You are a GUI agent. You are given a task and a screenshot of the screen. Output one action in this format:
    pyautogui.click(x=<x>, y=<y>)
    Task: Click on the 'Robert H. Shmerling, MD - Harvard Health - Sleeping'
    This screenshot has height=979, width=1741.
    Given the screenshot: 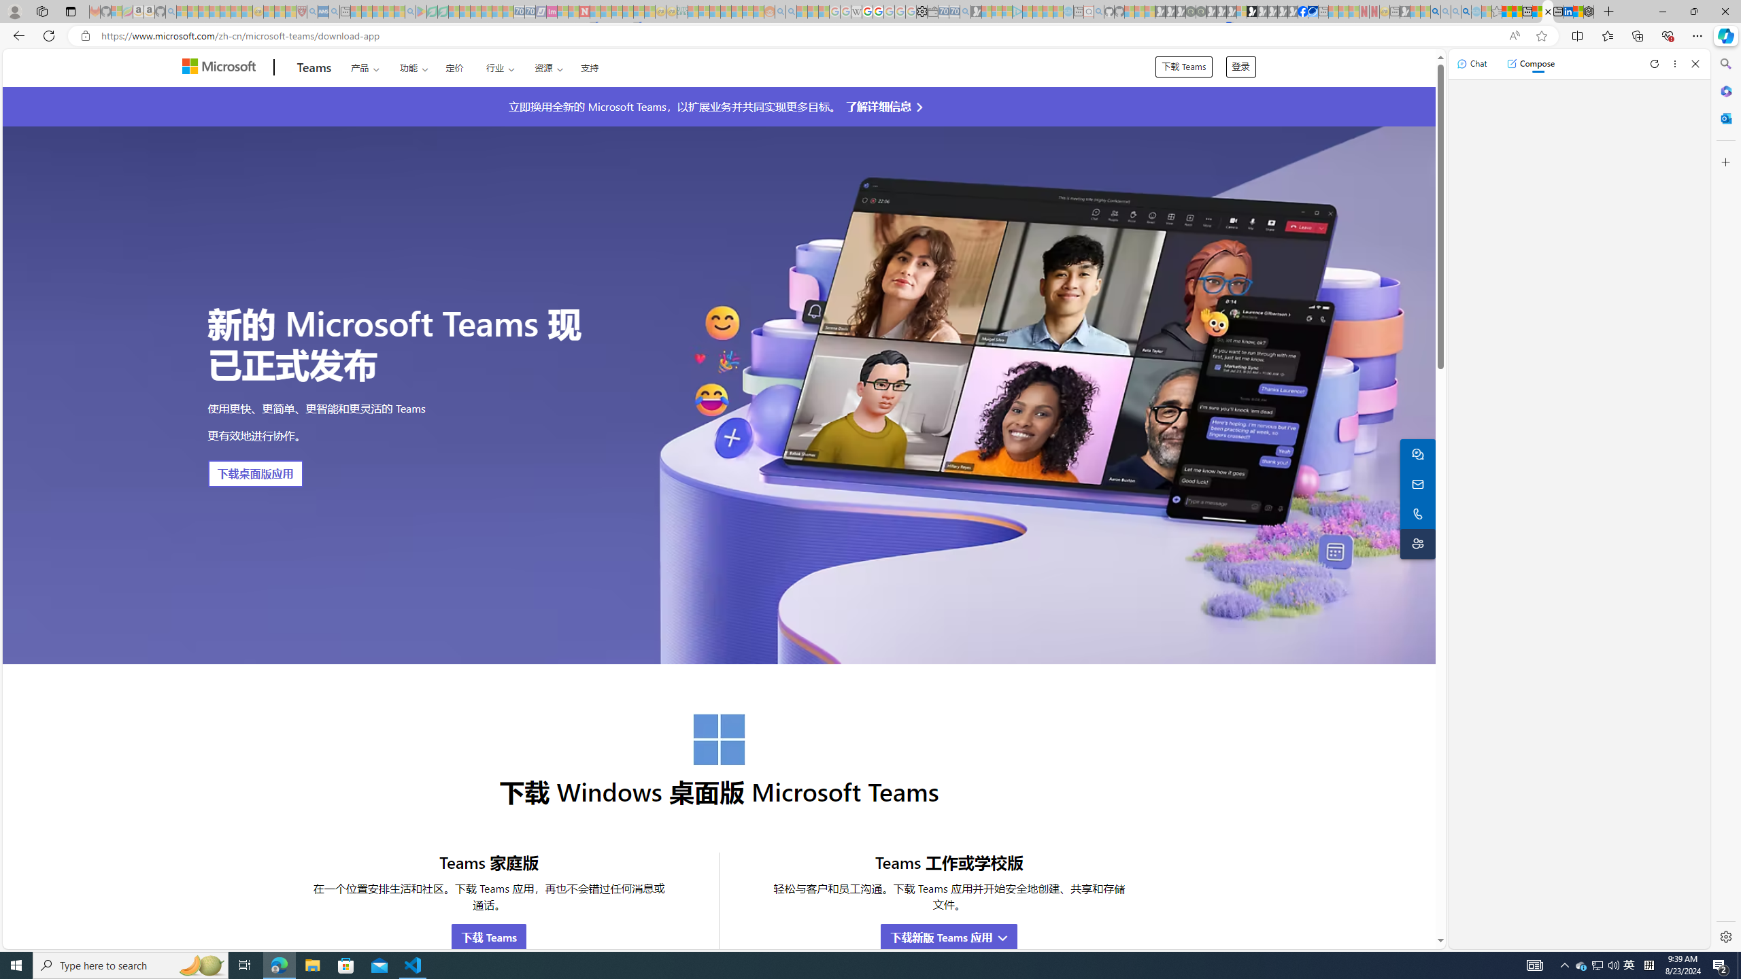 What is the action you would take?
    pyautogui.click(x=302, y=11)
    